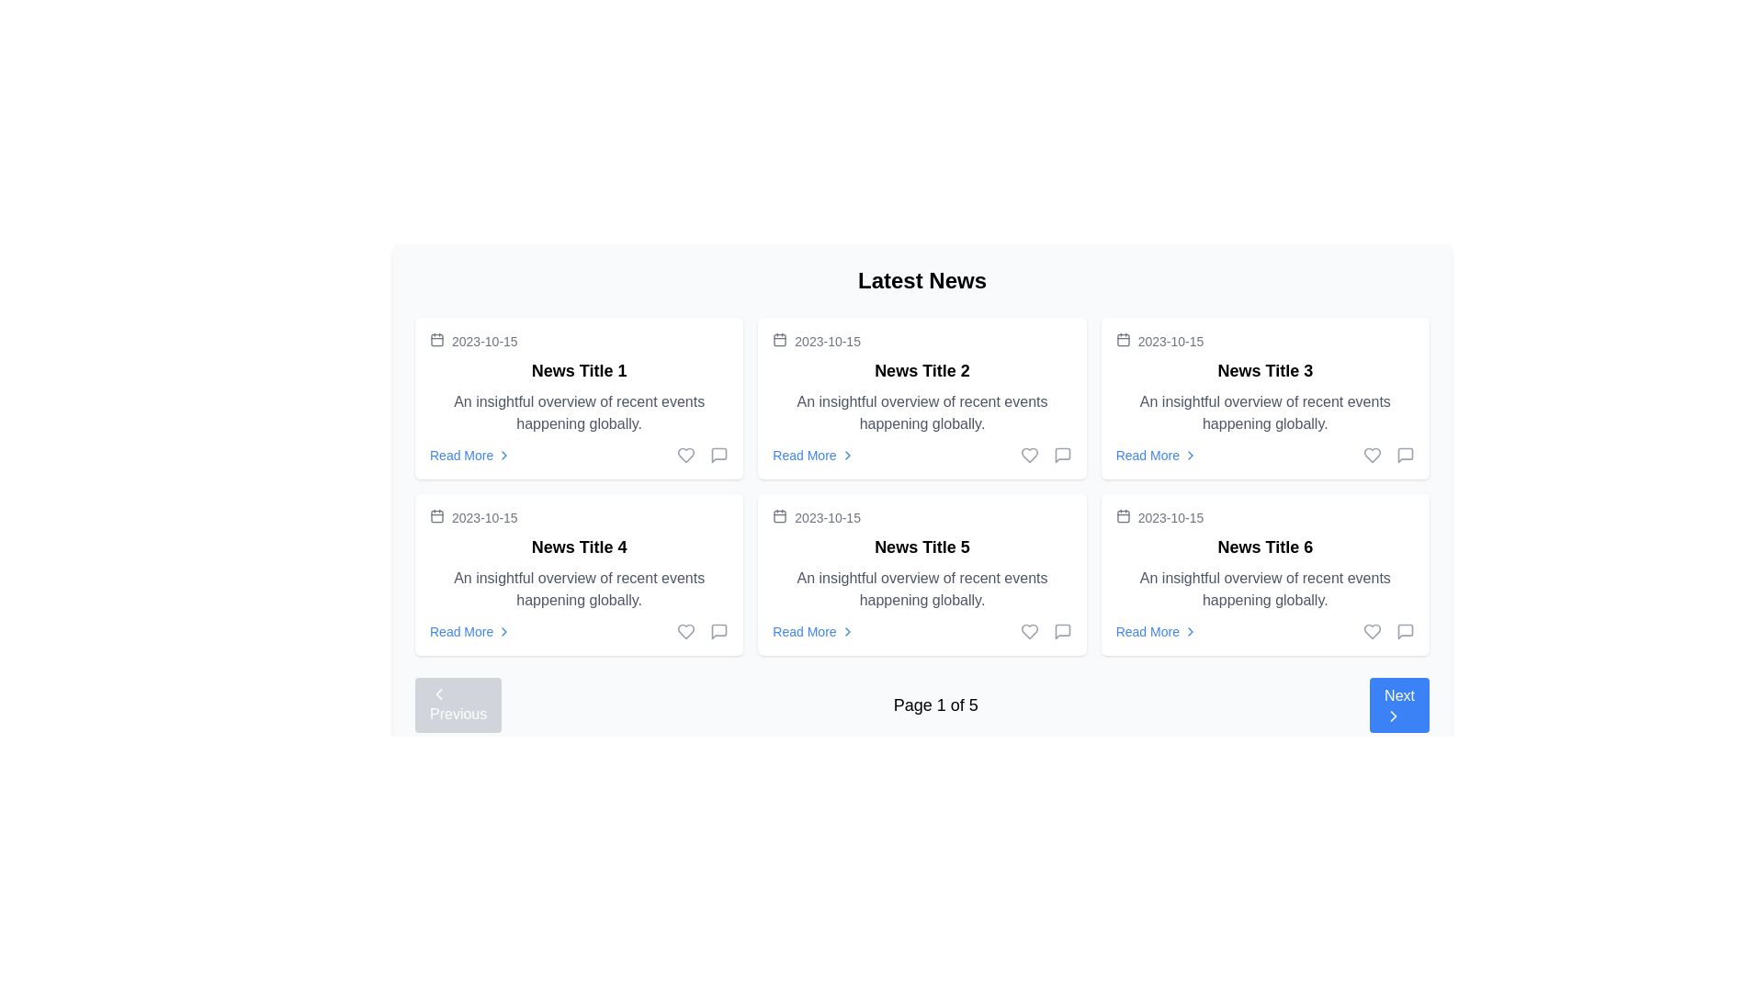 The image size is (1764, 992). I want to click on the 'Read More' link located, so click(1264, 455).